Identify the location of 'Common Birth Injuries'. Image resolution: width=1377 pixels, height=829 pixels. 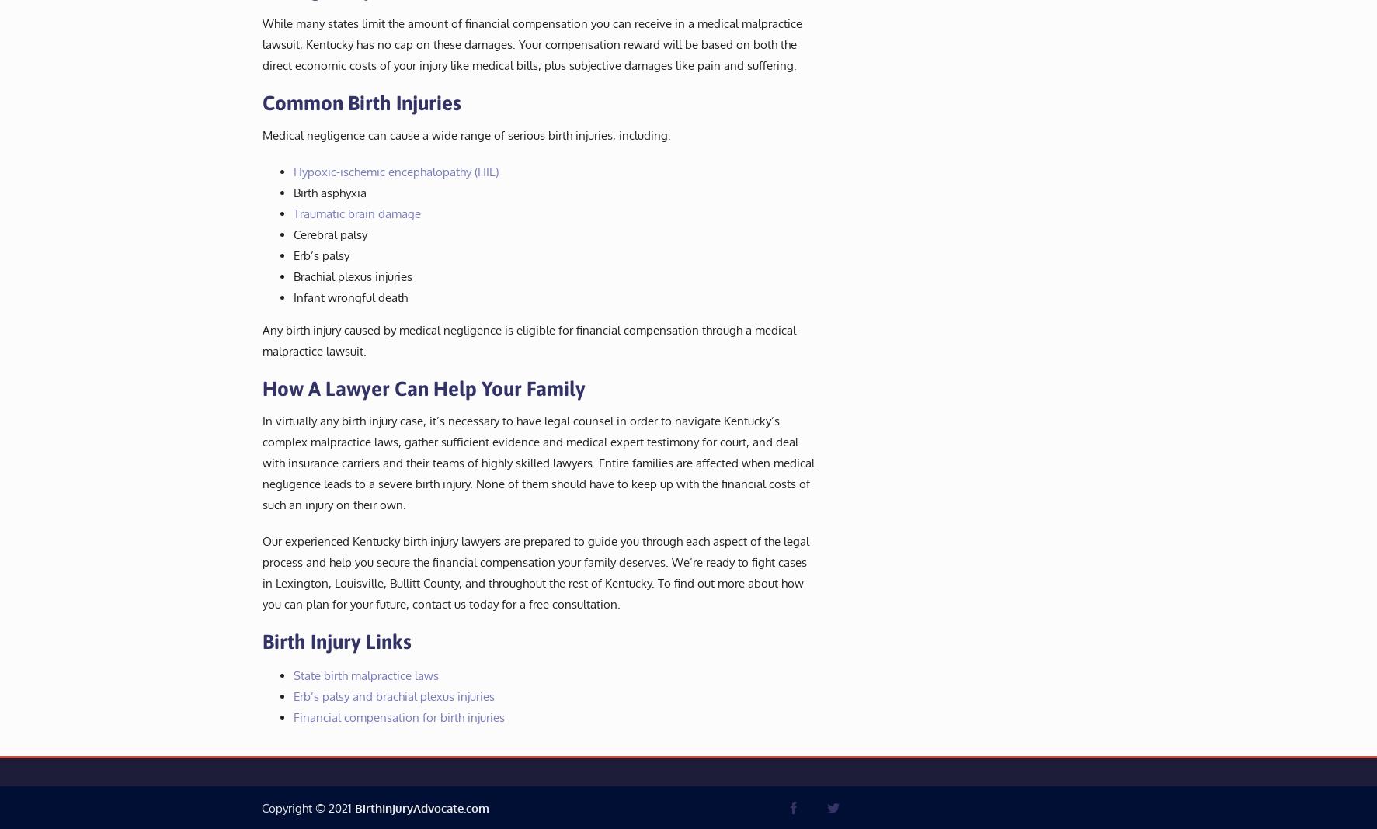
(360, 102).